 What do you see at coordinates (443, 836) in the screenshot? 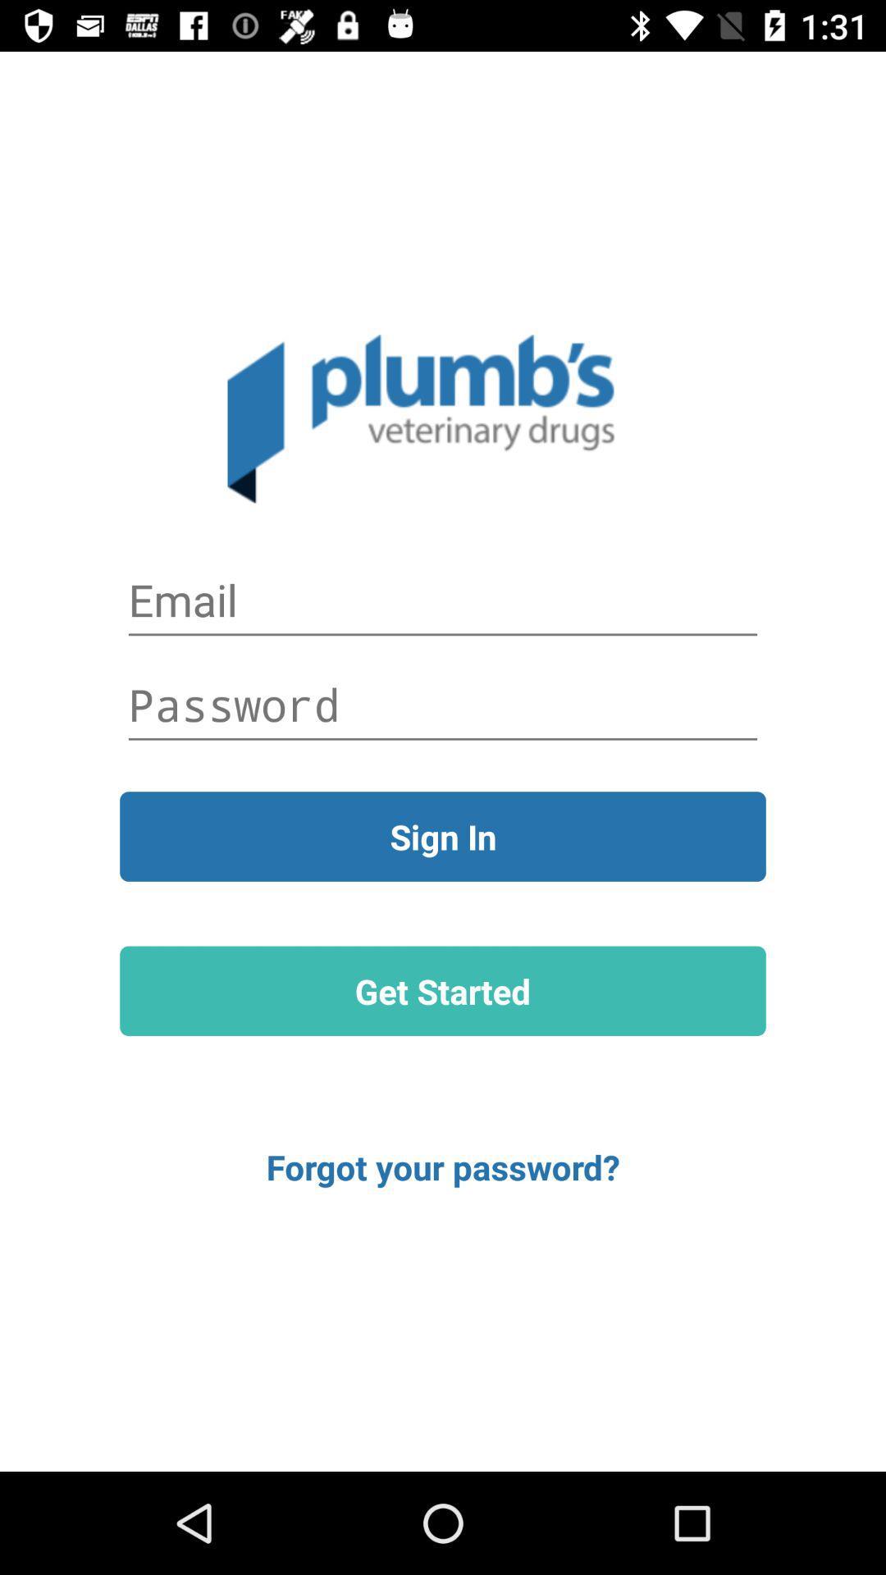
I see `the item above get started` at bounding box center [443, 836].